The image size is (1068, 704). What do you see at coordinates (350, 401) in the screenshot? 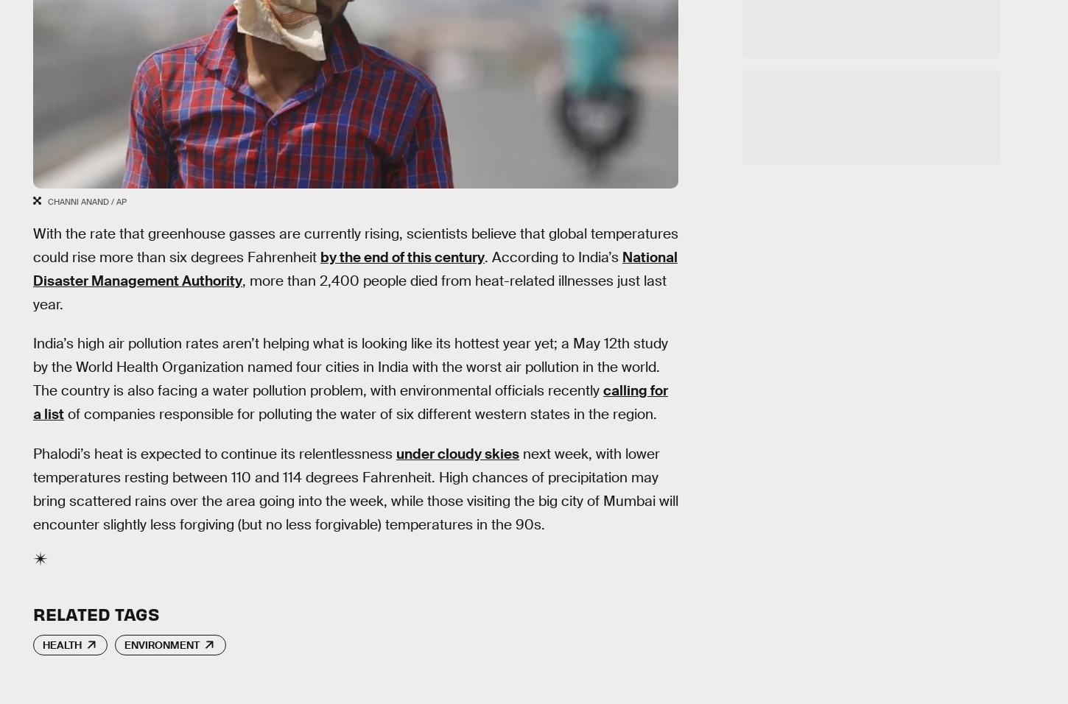
I see `'calling for a list'` at bounding box center [350, 401].